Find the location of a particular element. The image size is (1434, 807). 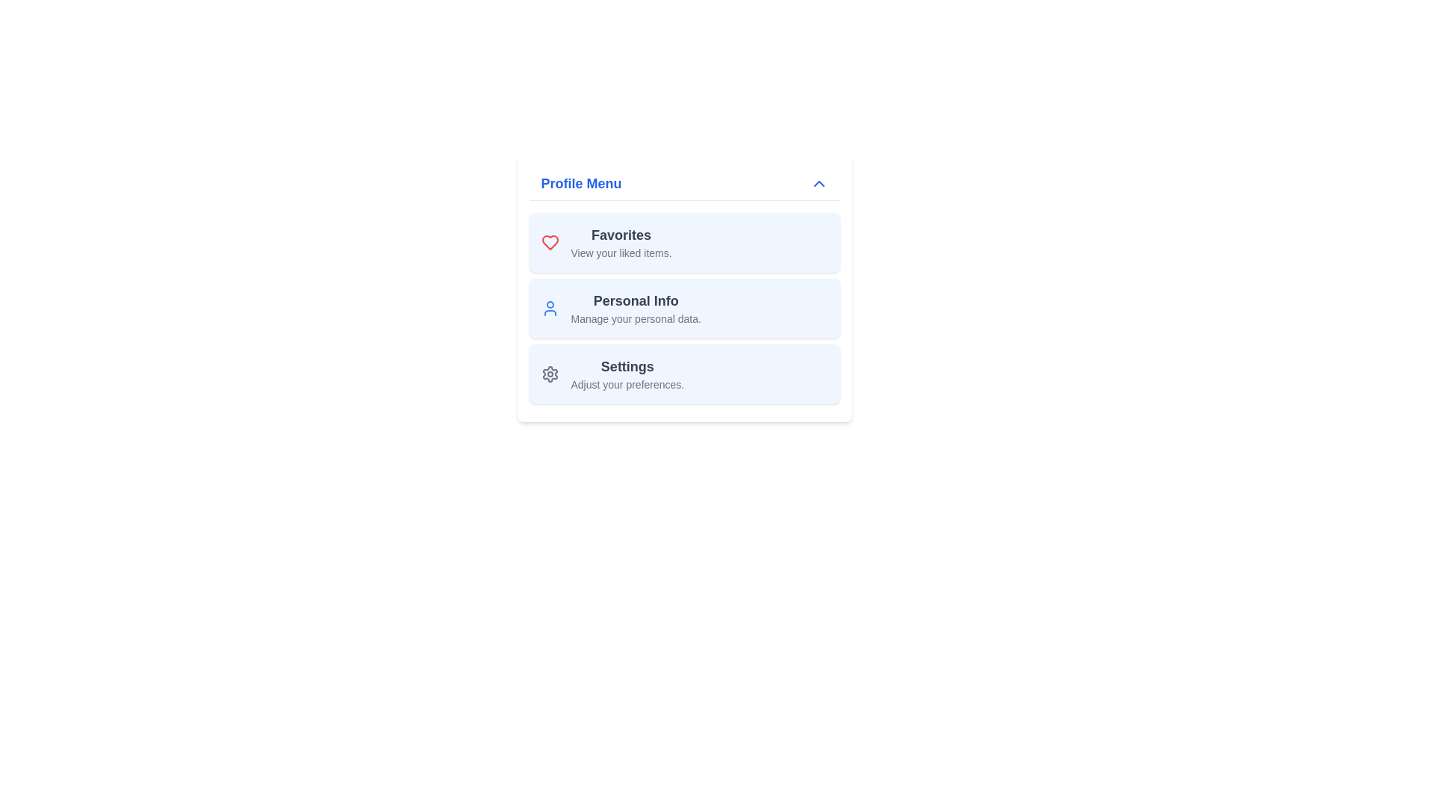

the 'Favorites' menu item under the heart icon in the Profile Menu is located at coordinates (621, 241).